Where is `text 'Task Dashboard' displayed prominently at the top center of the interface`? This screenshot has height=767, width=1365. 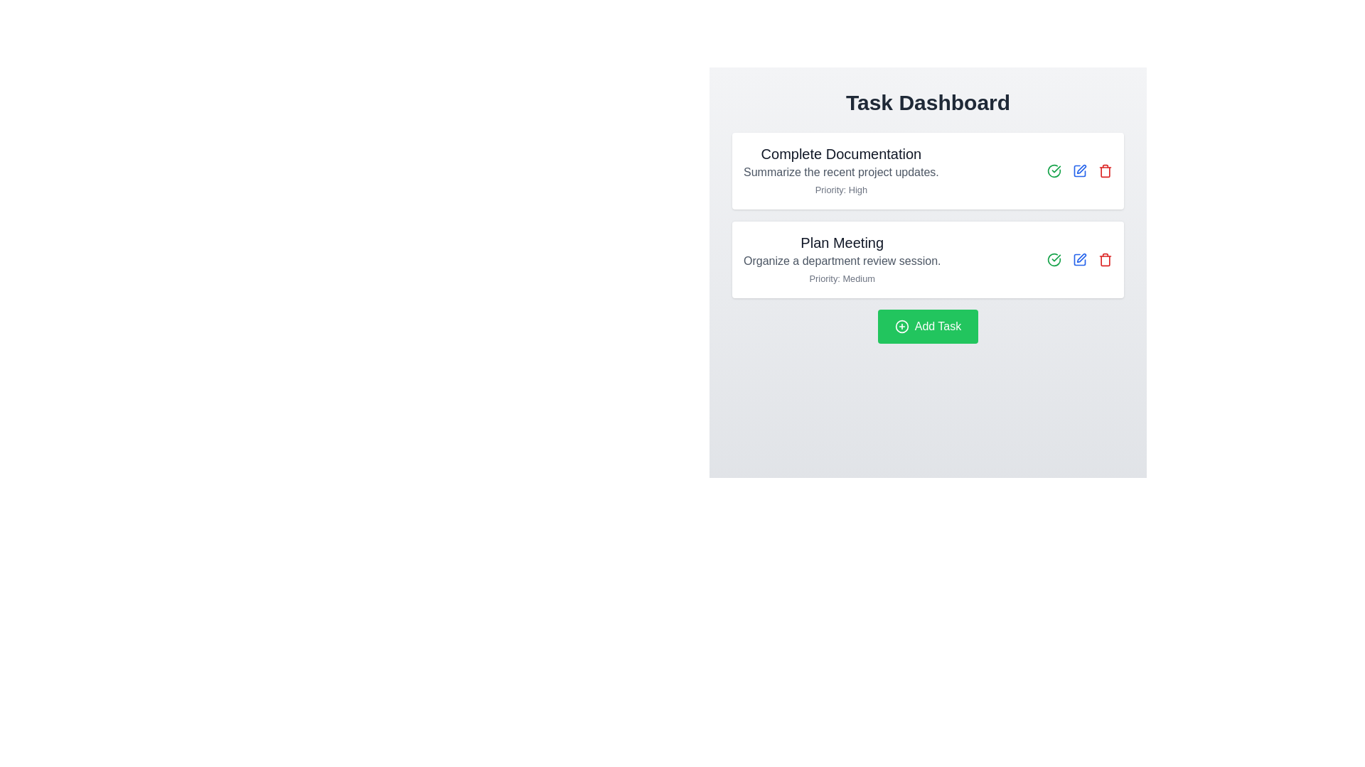 text 'Task Dashboard' displayed prominently at the top center of the interface is located at coordinates (928, 102).